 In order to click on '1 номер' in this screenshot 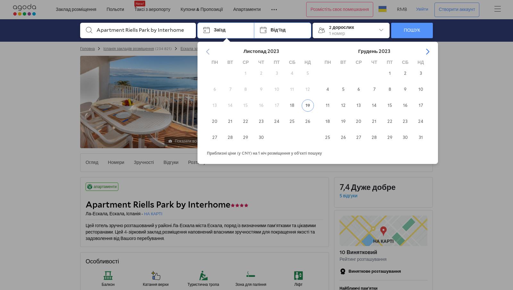, I will do `click(337, 33)`.